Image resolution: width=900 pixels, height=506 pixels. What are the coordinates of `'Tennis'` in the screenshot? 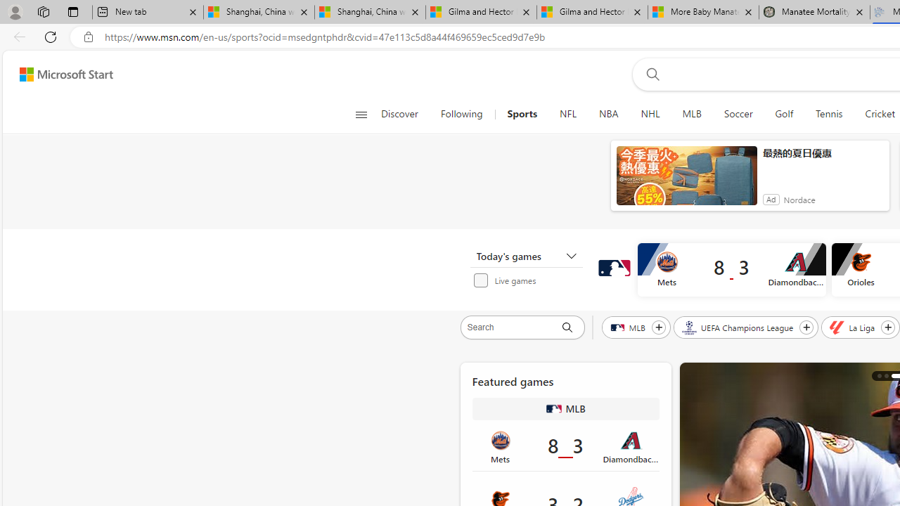 It's located at (829, 114).